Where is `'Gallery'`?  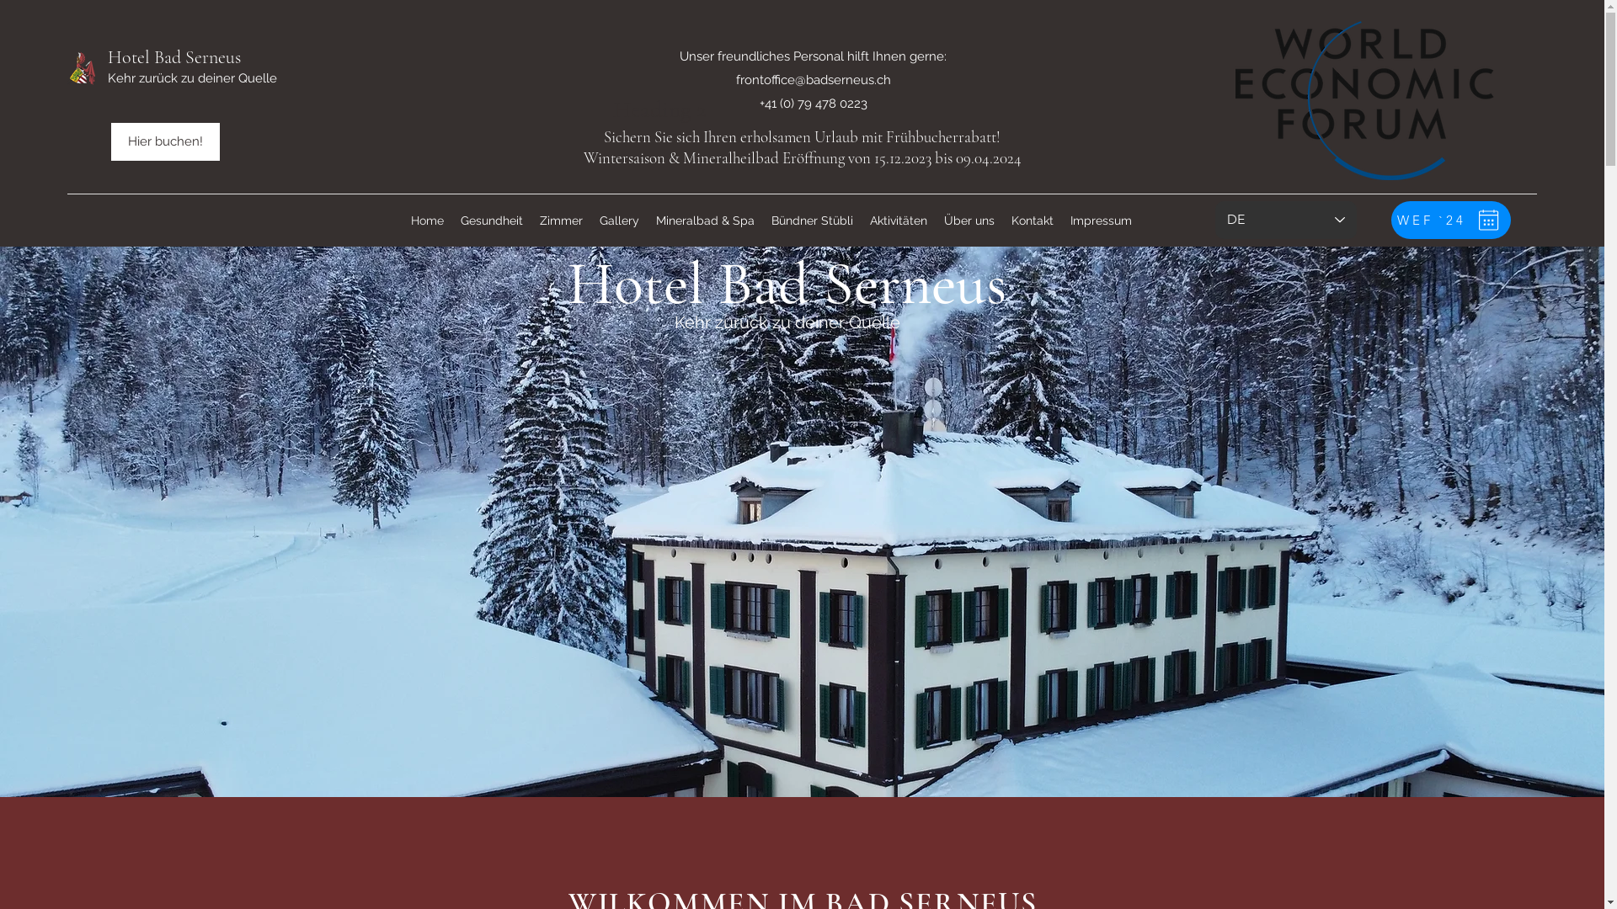
'Gallery' is located at coordinates (618, 220).